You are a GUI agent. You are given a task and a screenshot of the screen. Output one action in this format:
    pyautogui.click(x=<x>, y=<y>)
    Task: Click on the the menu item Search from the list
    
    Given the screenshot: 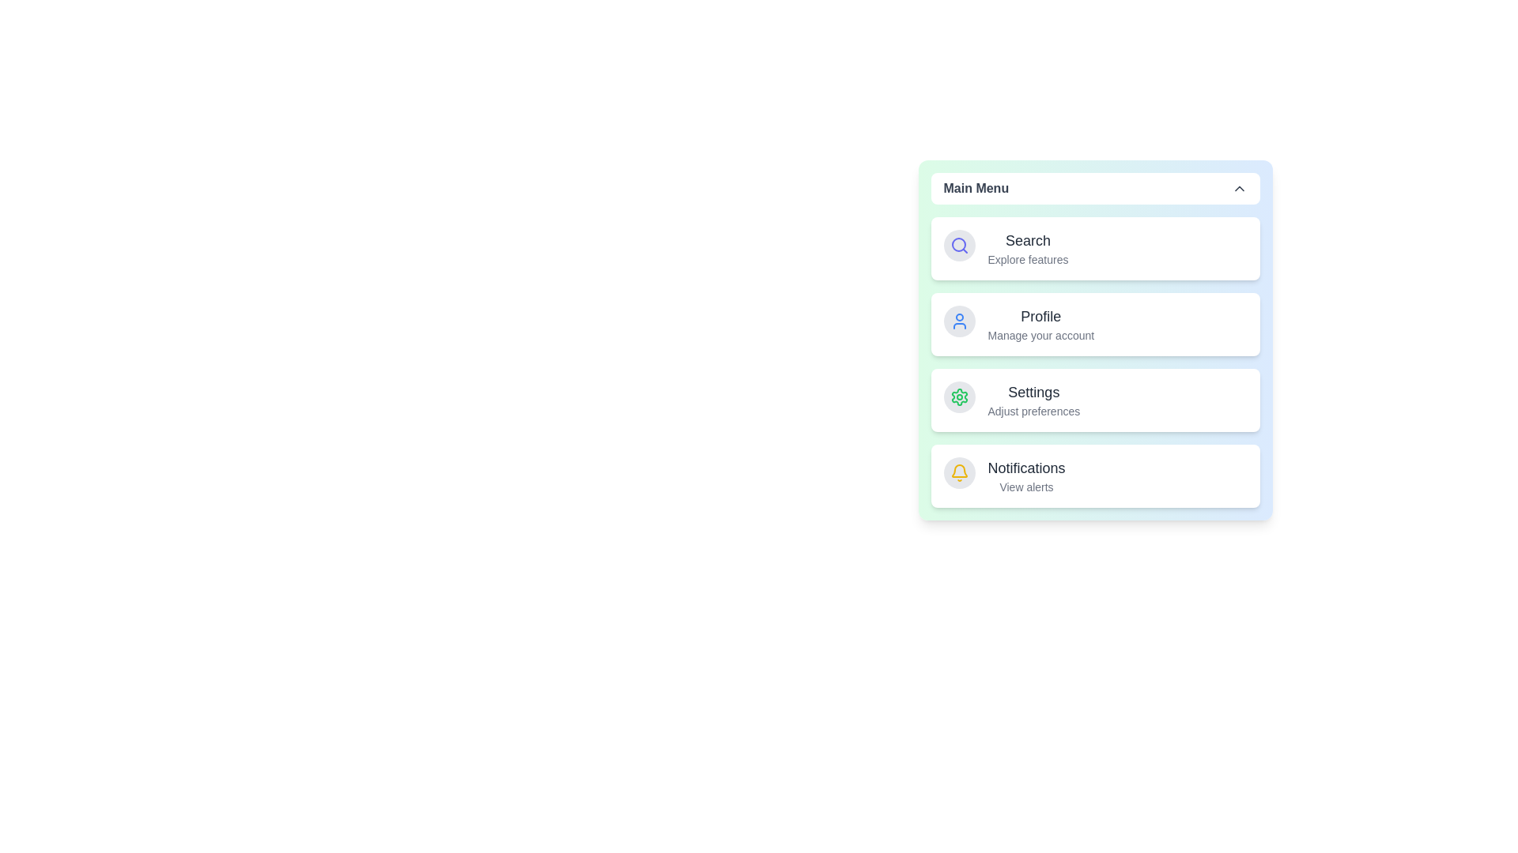 What is the action you would take?
    pyautogui.click(x=1028, y=249)
    